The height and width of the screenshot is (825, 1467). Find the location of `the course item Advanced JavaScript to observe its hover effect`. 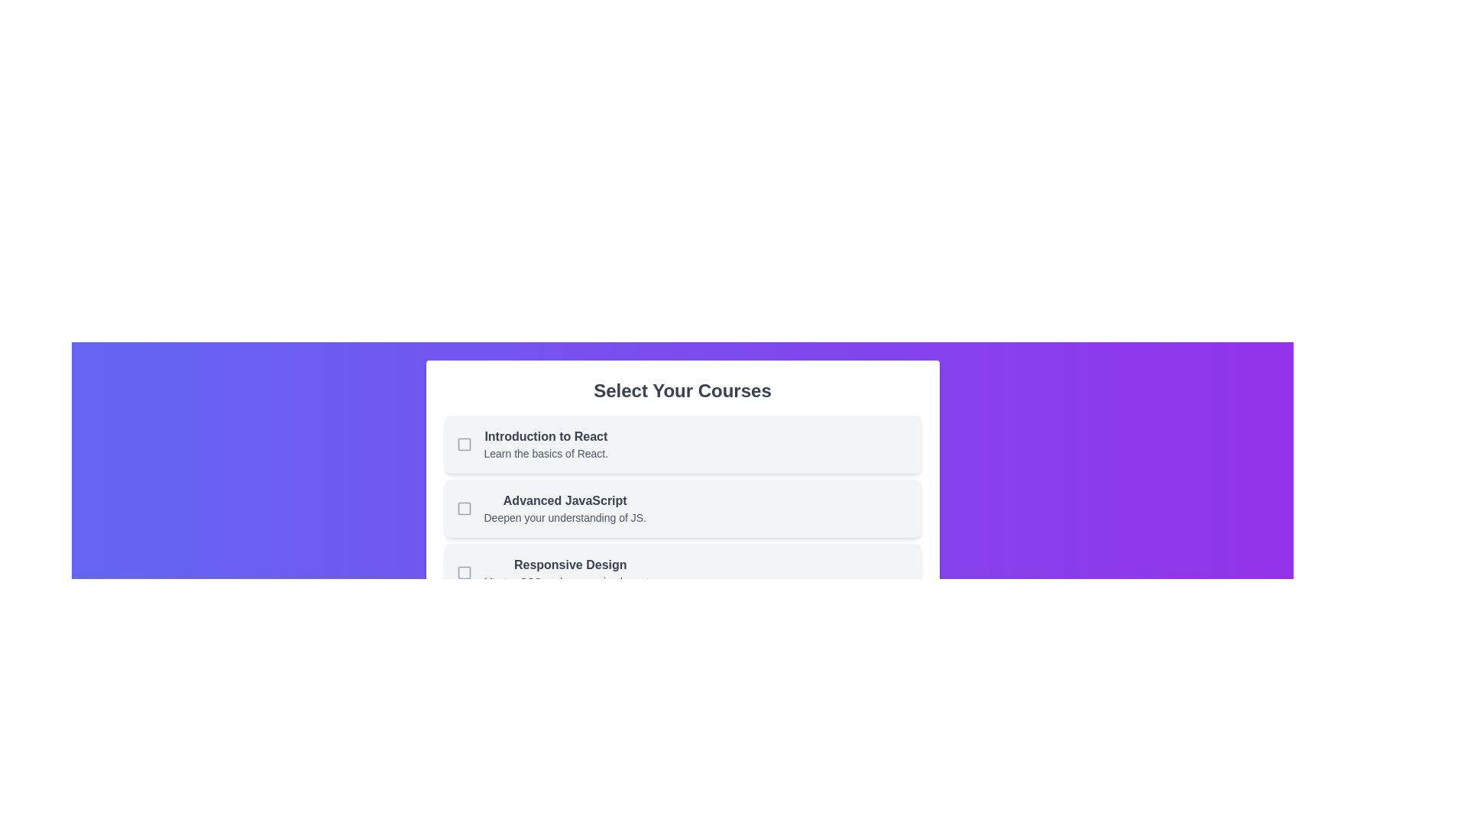

the course item Advanced JavaScript to observe its hover effect is located at coordinates (682, 509).